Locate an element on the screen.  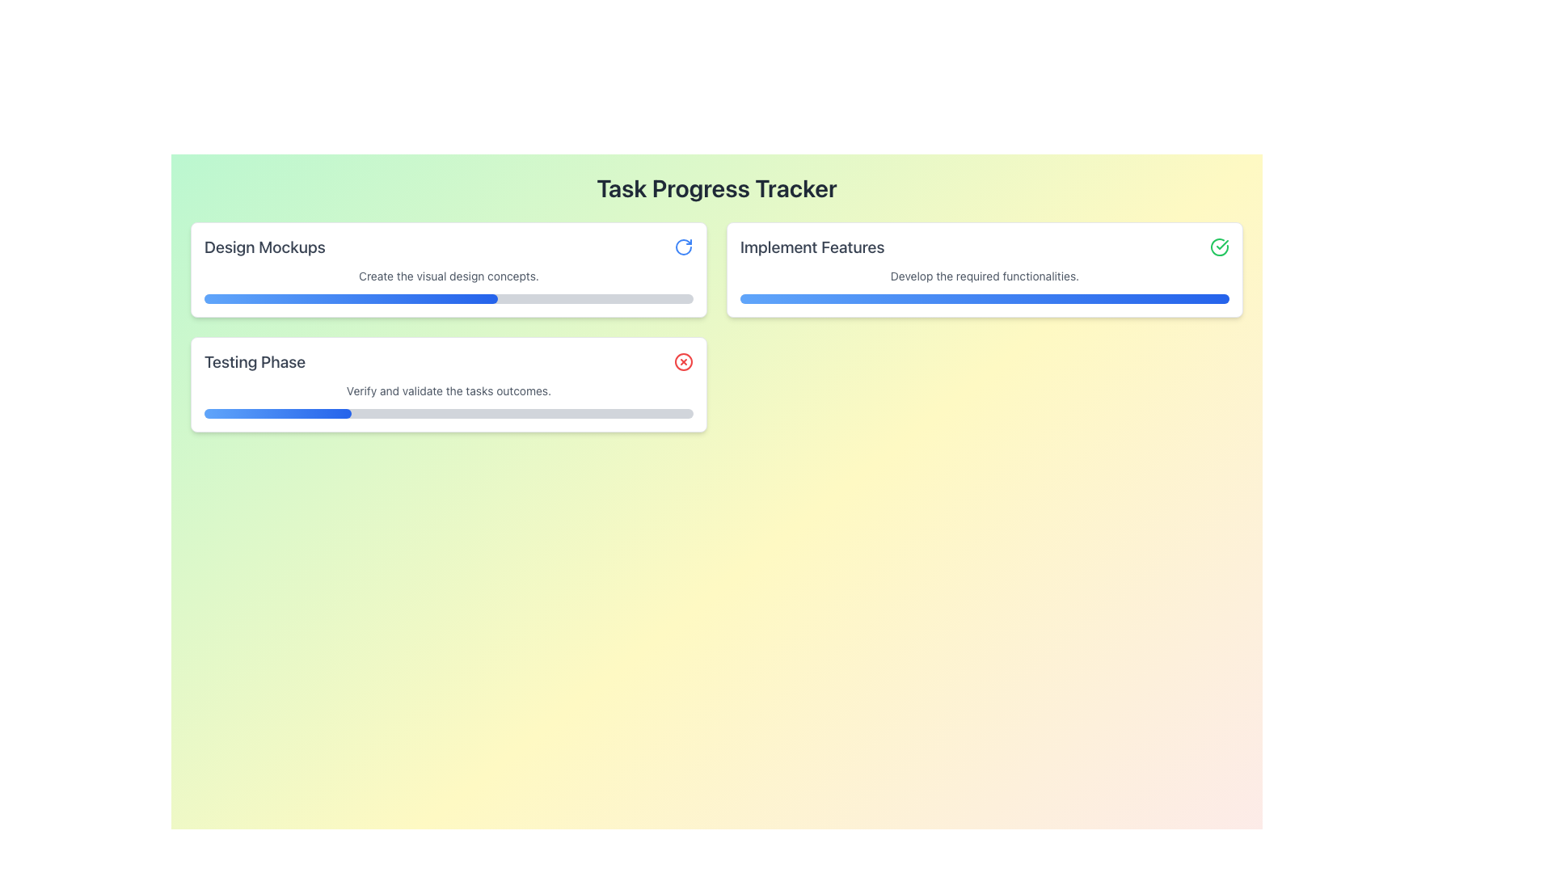
the checkmark icon indicating task completion located at the top-right corner of the task card titled 'Implement Features' is located at coordinates (1219, 247).